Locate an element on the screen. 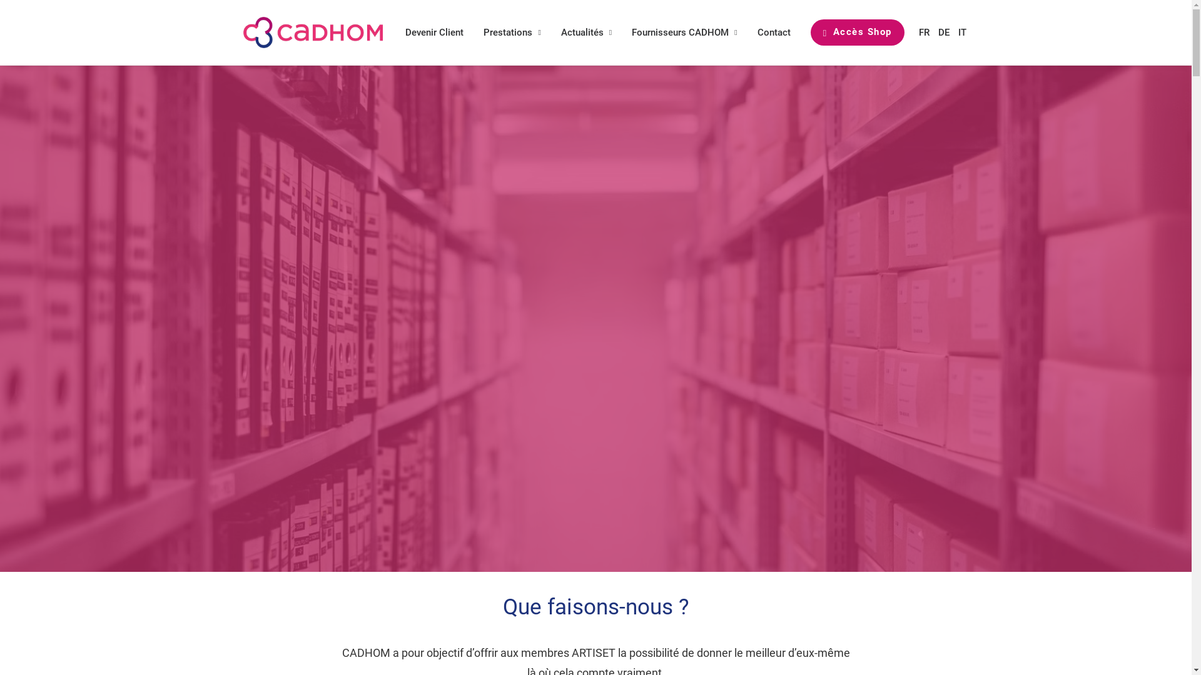 Image resolution: width=1201 pixels, height=675 pixels. 'Devenir Client' is located at coordinates (405, 31).